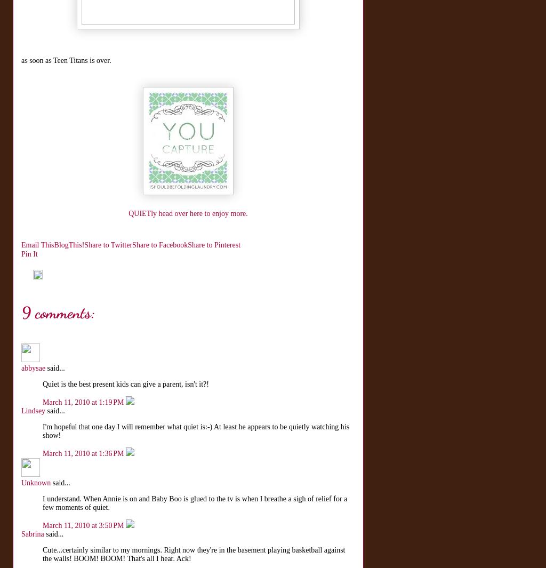 Image resolution: width=546 pixels, height=568 pixels. Describe the element at coordinates (66, 59) in the screenshot. I see `'as soon as Teen Titans is over.'` at that location.